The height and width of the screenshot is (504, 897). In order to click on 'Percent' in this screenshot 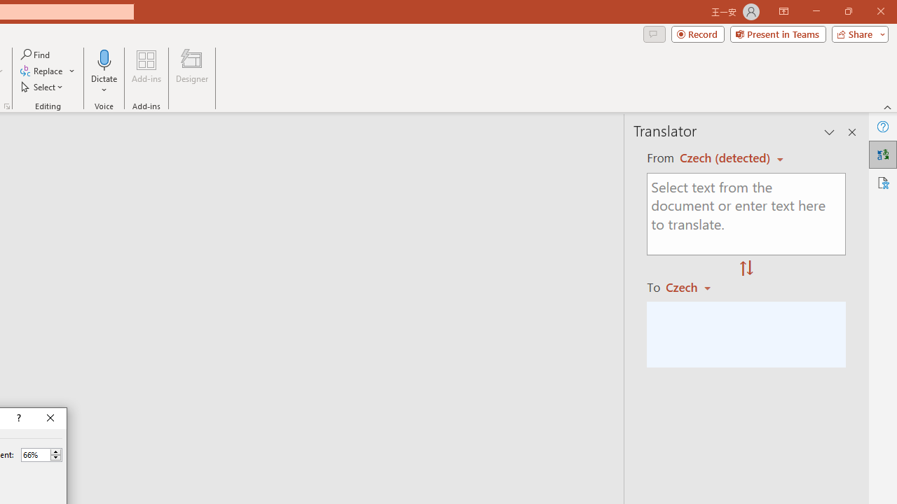, I will do `click(41, 455)`.